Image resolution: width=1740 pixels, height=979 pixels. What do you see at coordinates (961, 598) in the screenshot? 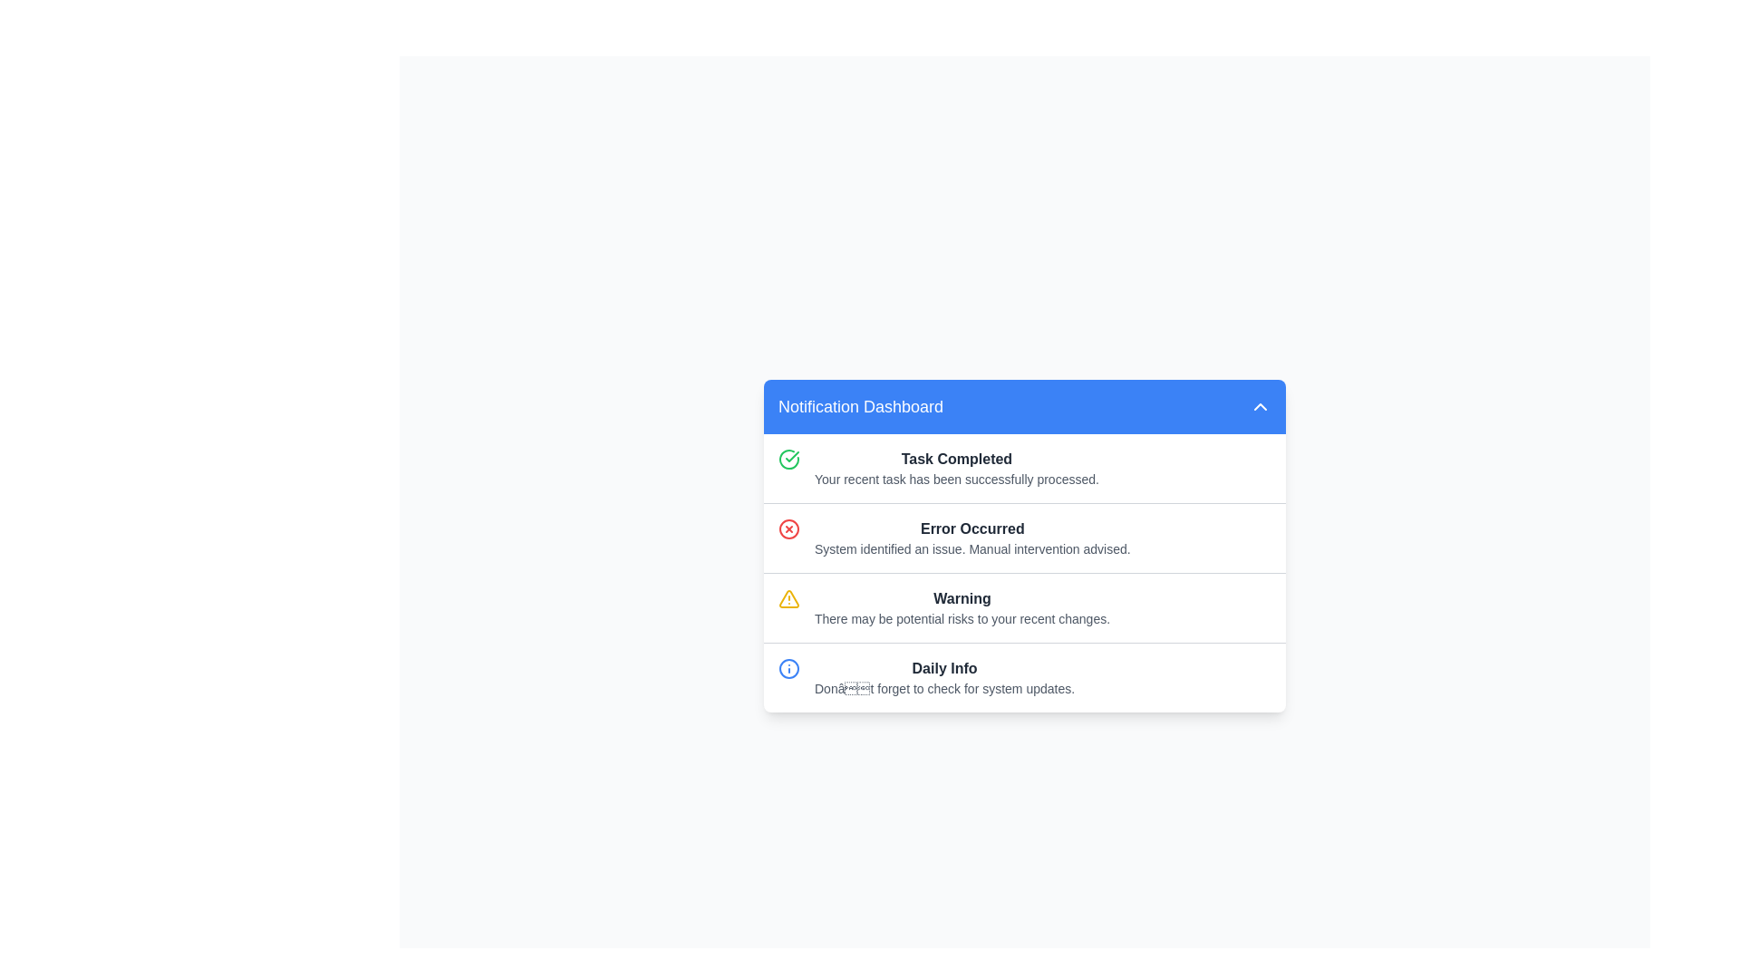
I see `the warning message heading text label, which is the third section in the vertically stacked list of notifications, marked by a warning triangle icon` at bounding box center [961, 598].